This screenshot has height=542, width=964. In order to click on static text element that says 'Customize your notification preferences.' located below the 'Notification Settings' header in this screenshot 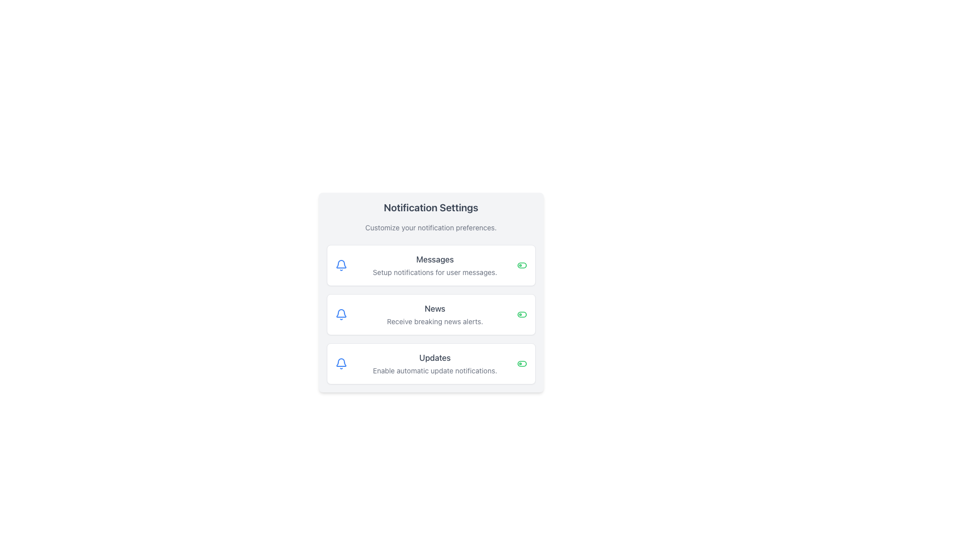, I will do `click(431, 228)`.